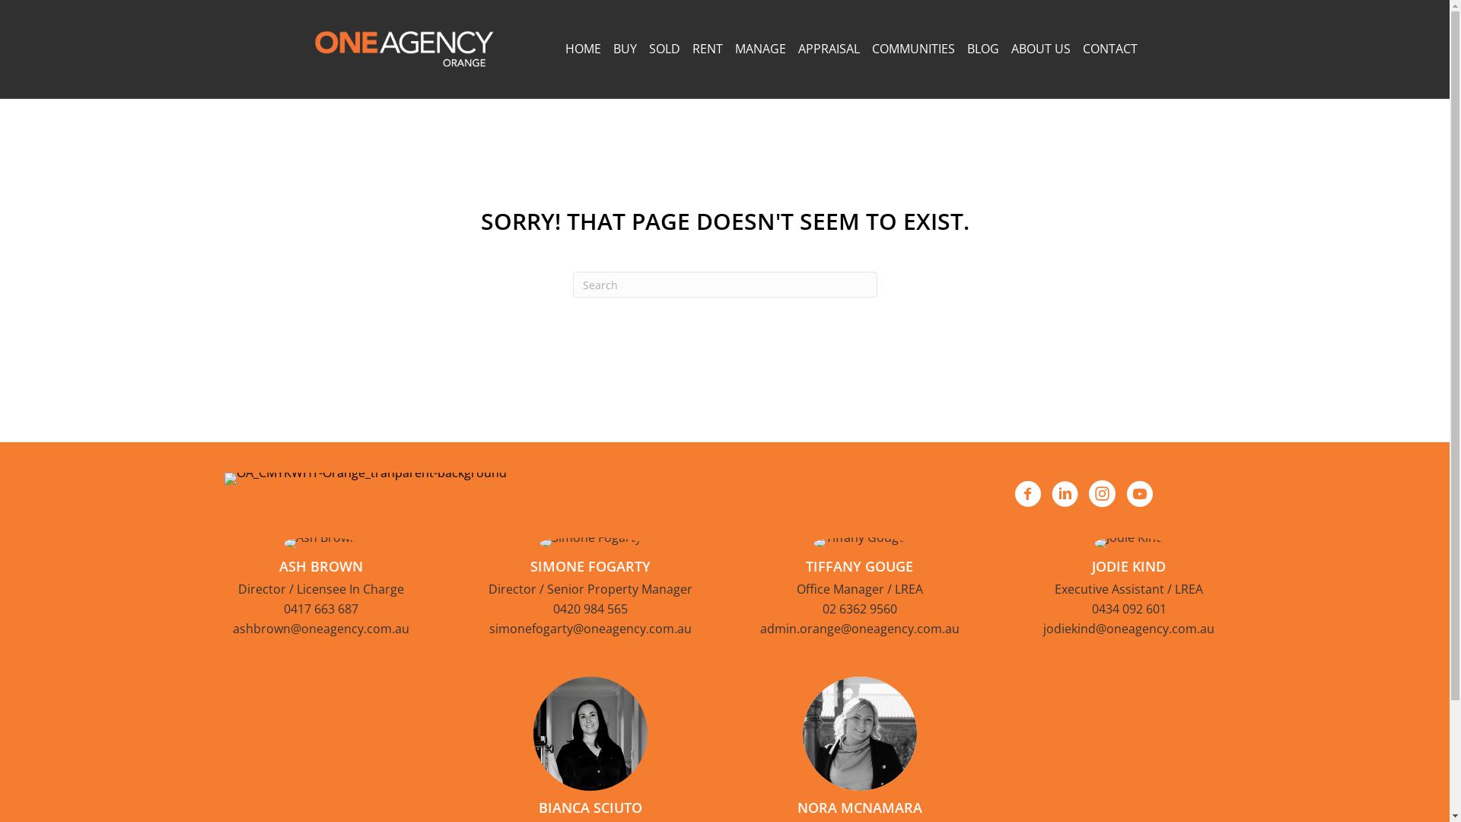 This screenshot has width=1461, height=822. I want to click on 'APPRAISAL', so click(827, 48).